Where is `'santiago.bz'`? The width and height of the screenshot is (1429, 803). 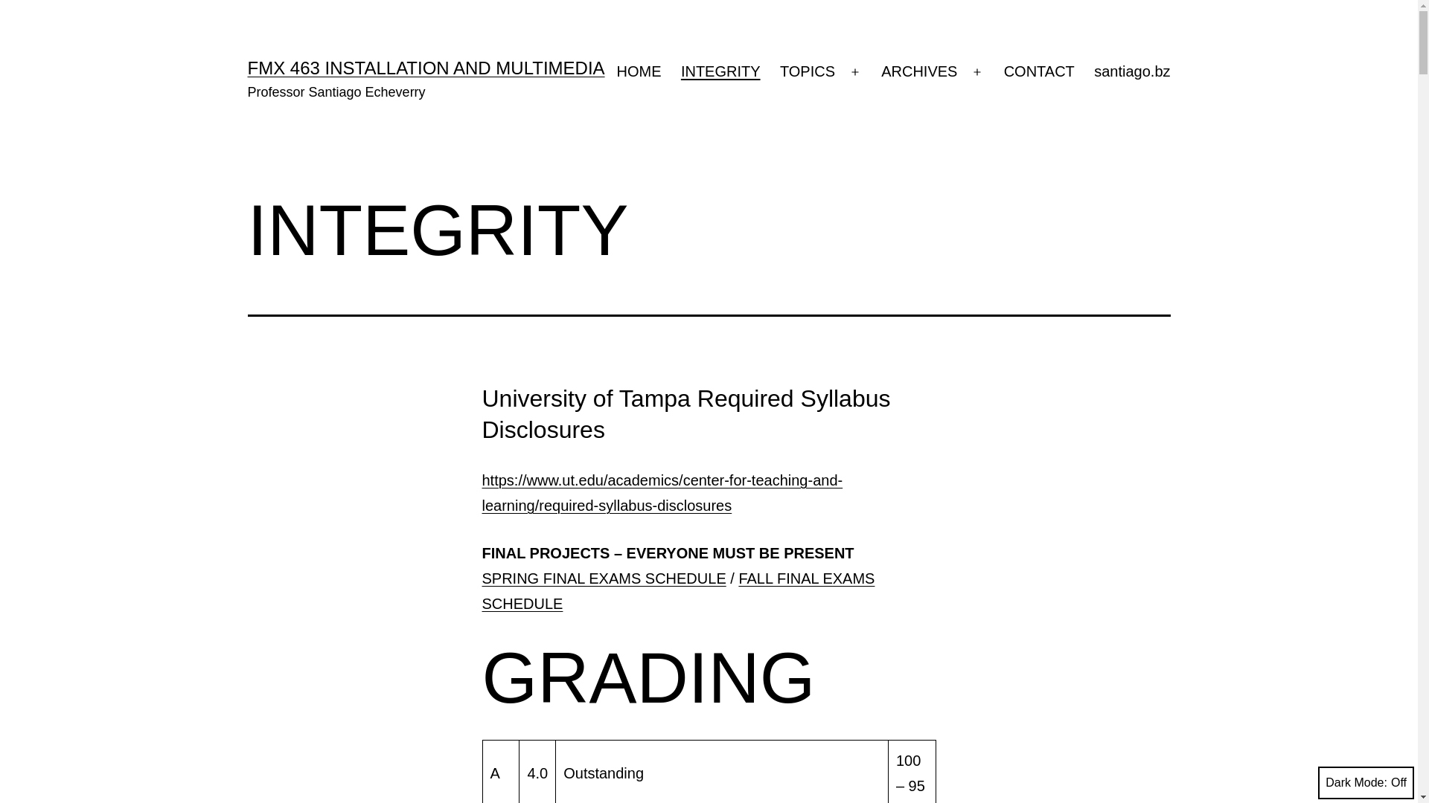 'santiago.bz' is located at coordinates (1131, 71).